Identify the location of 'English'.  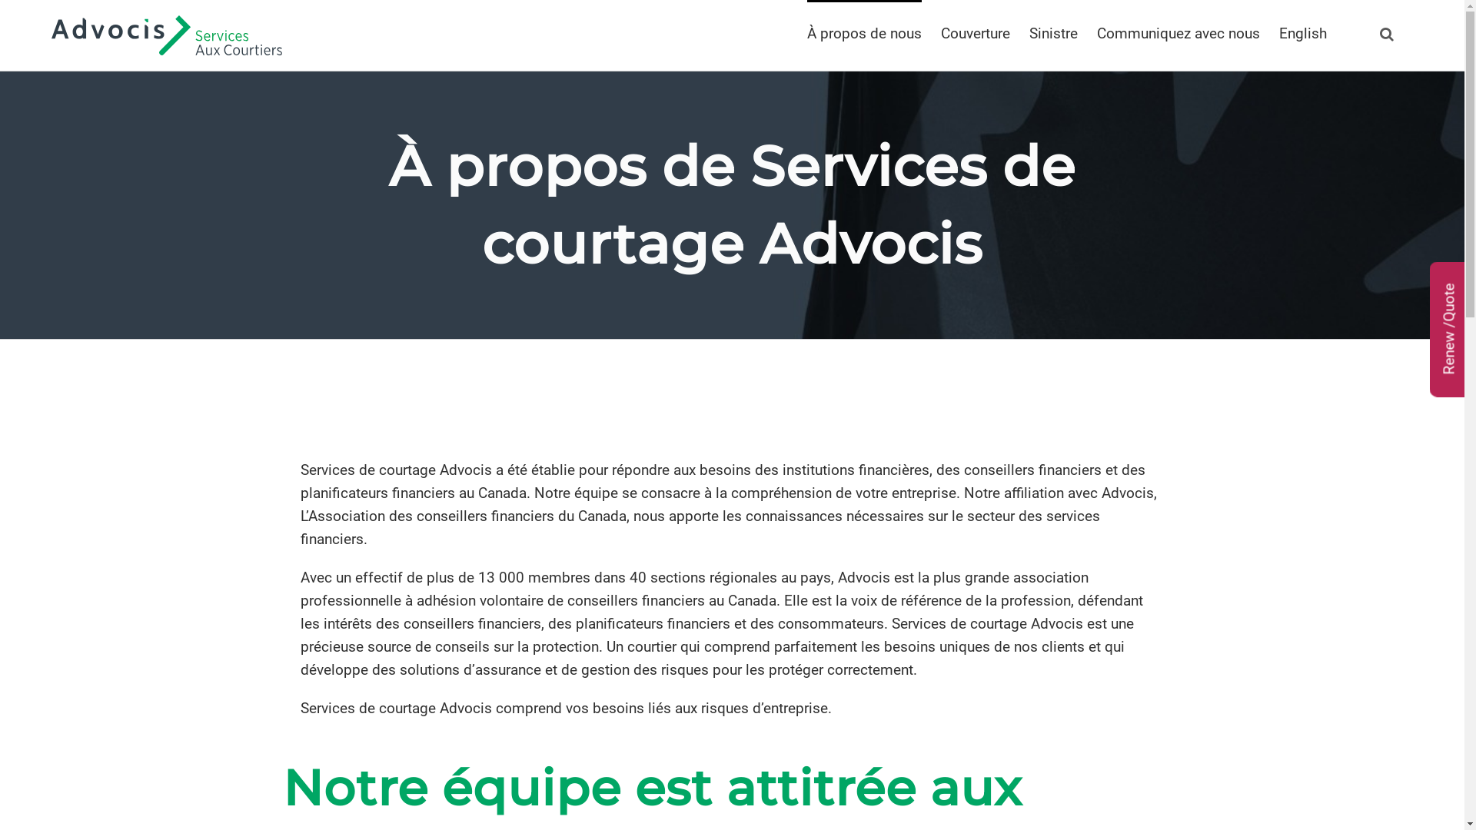
(1301, 32).